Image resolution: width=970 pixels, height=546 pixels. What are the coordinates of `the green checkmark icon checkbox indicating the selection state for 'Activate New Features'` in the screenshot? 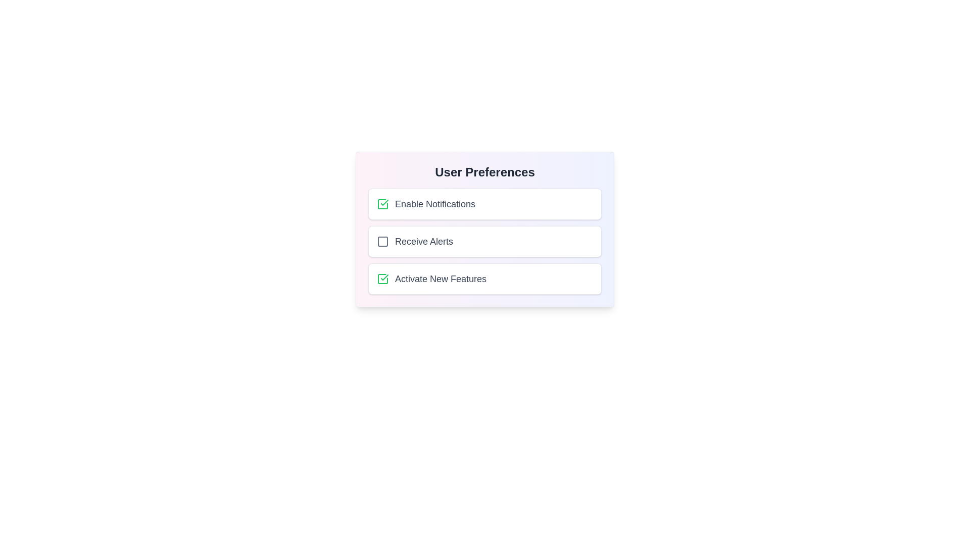 It's located at (382, 279).